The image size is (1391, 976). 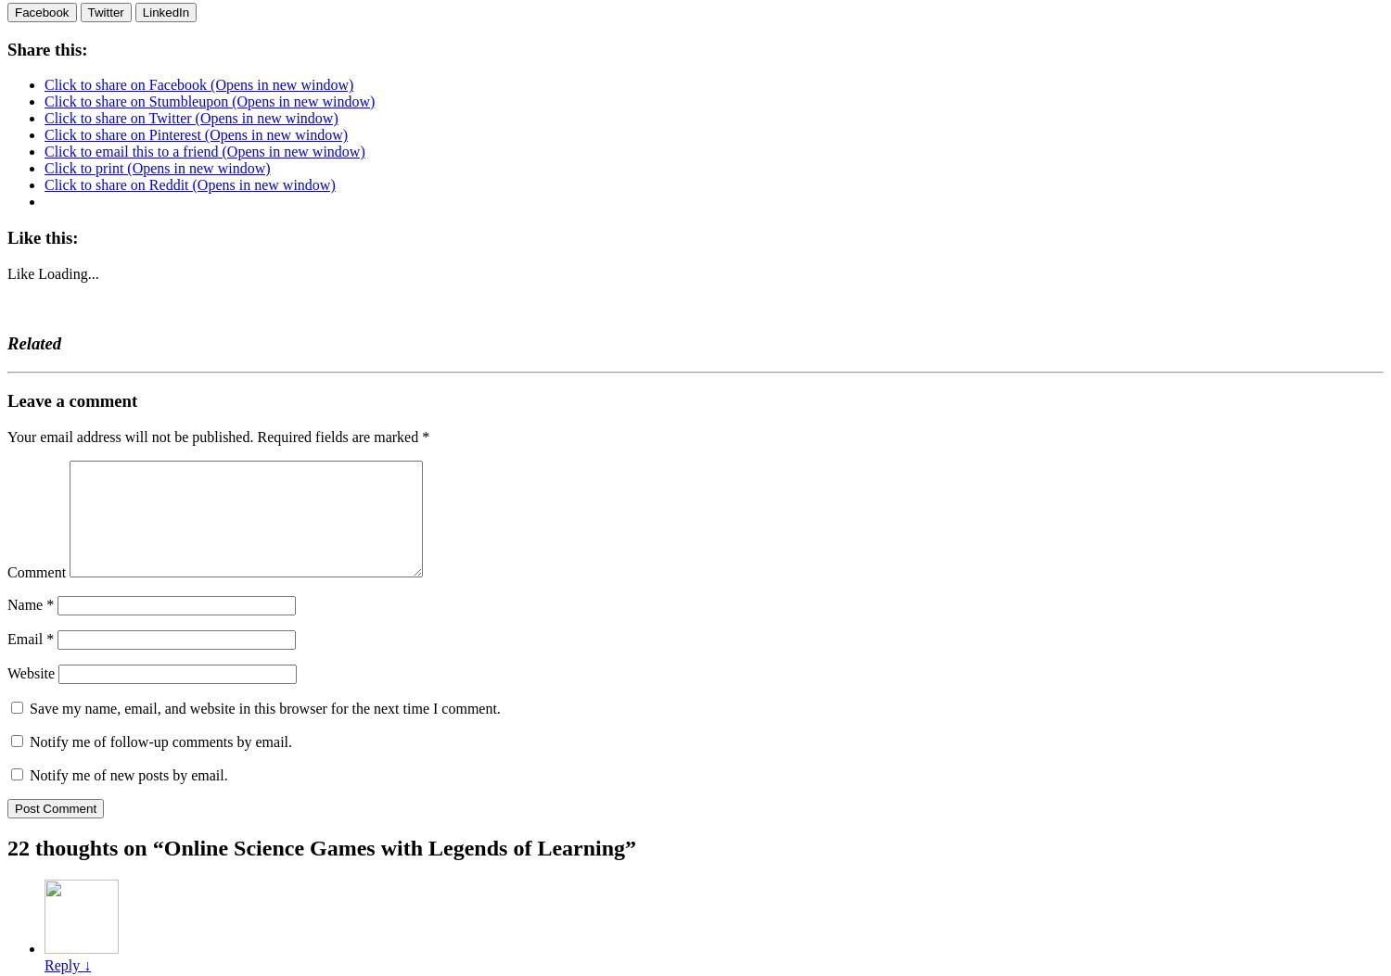 I want to click on 'Comment', so click(x=36, y=571).